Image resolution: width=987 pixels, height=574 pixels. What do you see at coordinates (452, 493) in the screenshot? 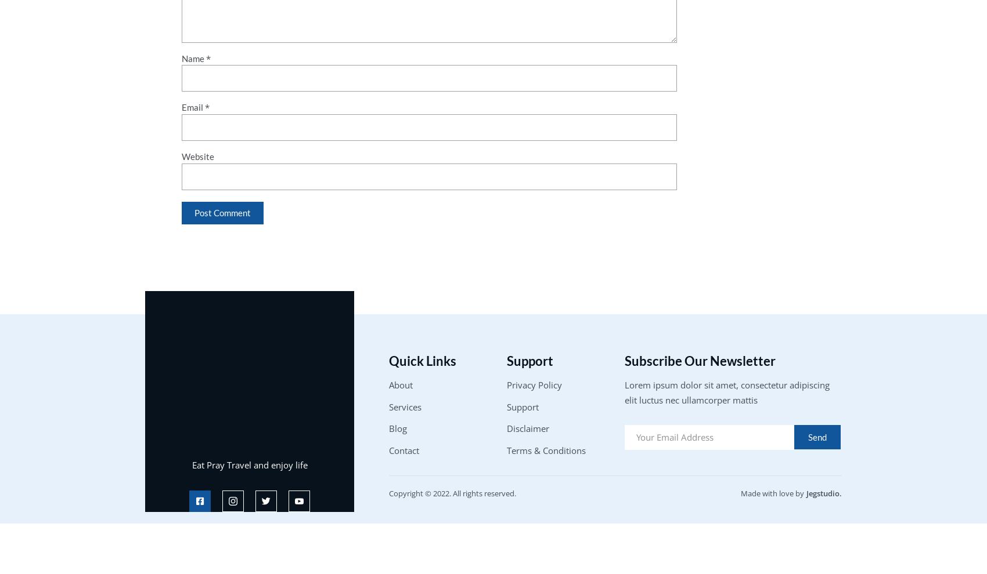
I see `'Copyright © 2022. All rights reserved.'` at bounding box center [452, 493].